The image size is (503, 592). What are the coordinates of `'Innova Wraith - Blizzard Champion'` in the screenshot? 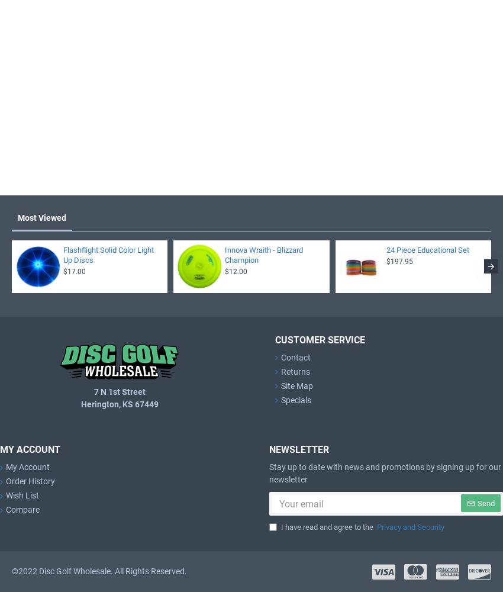 It's located at (263, 255).